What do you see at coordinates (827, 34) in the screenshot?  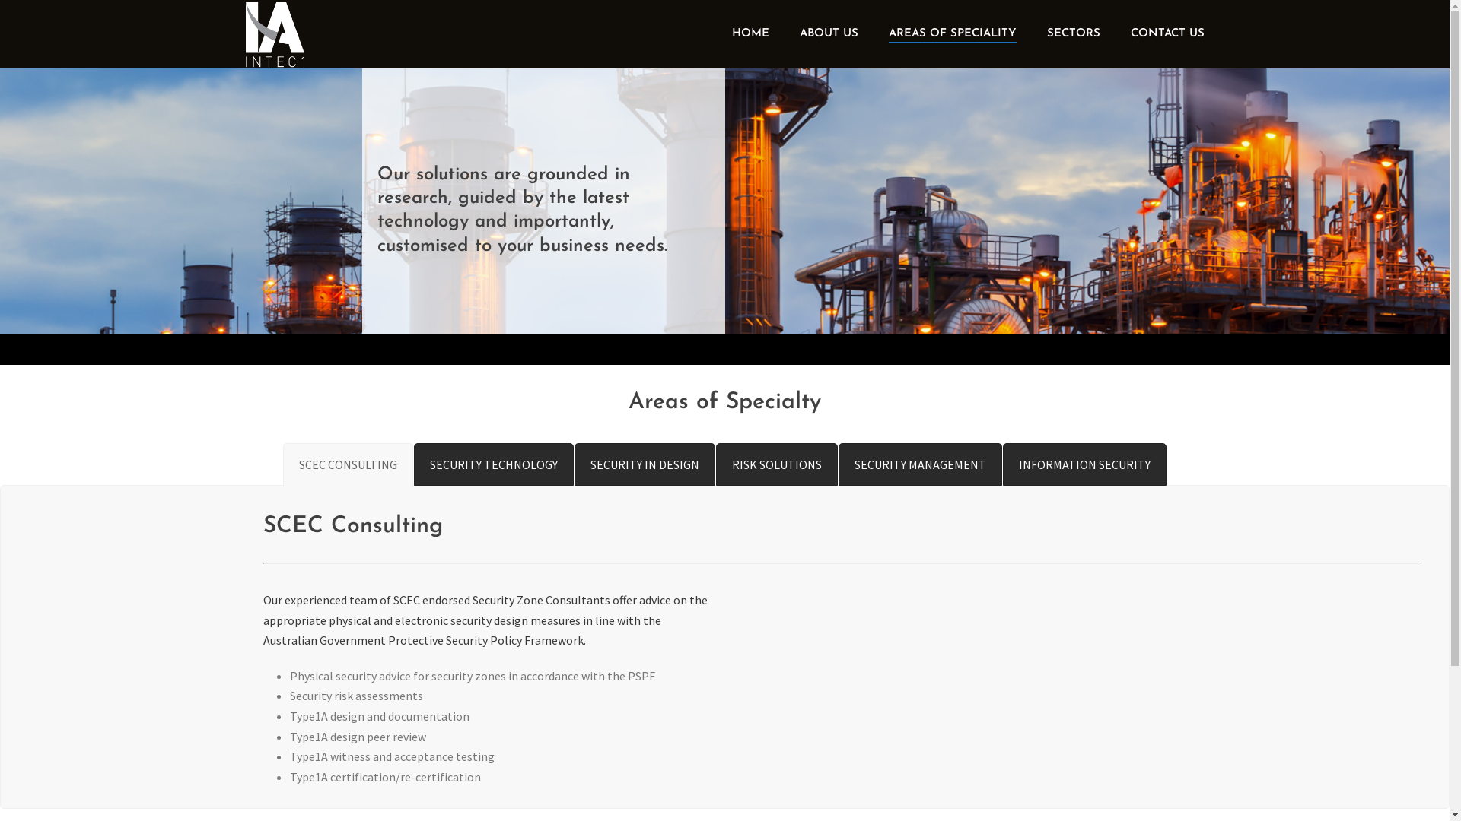 I see `'ABOUT US'` at bounding box center [827, 34].